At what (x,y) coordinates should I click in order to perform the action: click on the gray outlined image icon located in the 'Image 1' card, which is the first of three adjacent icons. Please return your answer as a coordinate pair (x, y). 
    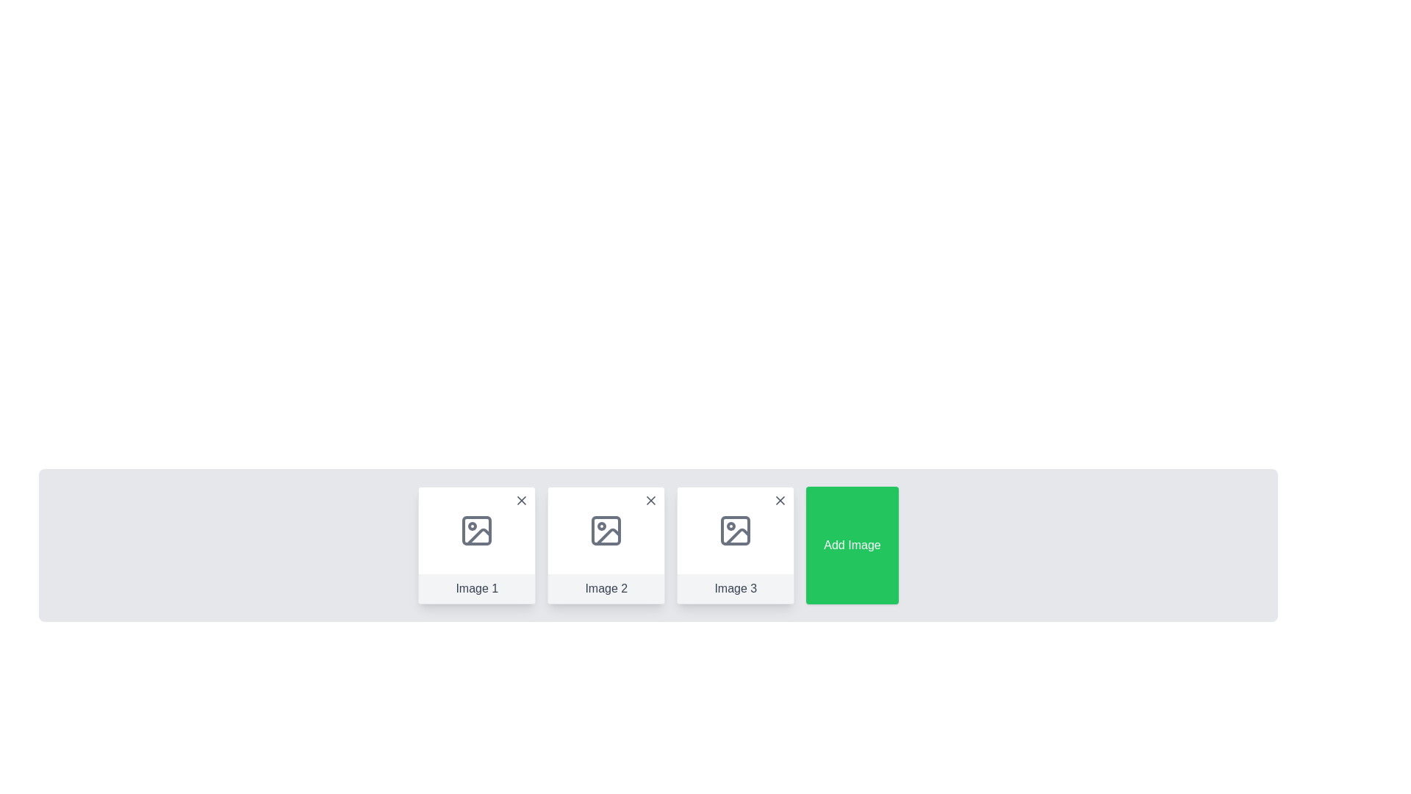
    Looking at the image, I should click on (477, 530).